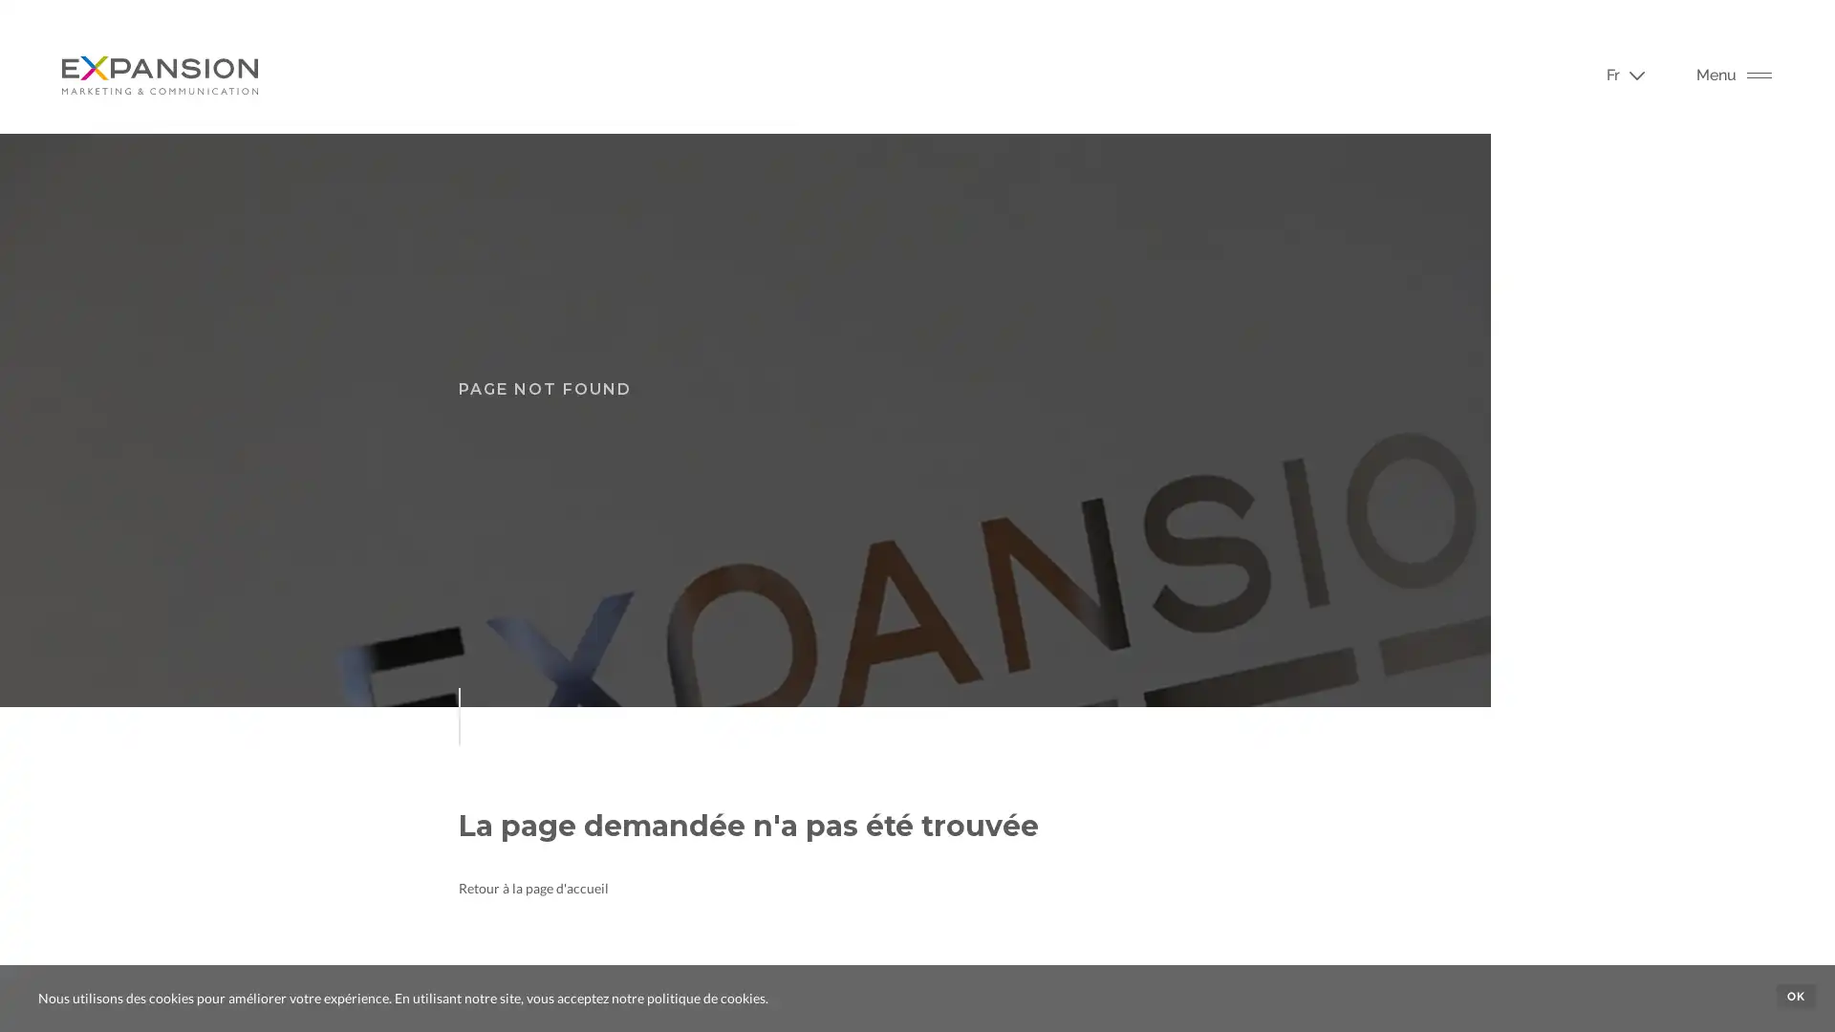  I want to click on OK, so click(1795, 995).